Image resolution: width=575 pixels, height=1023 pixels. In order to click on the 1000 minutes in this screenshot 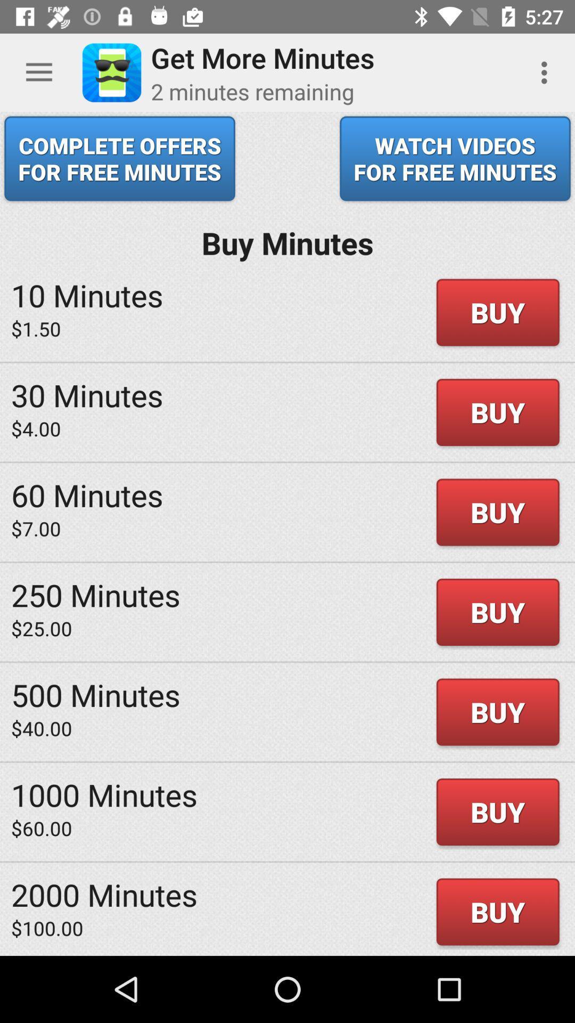, I will do `click(104, 794)`.